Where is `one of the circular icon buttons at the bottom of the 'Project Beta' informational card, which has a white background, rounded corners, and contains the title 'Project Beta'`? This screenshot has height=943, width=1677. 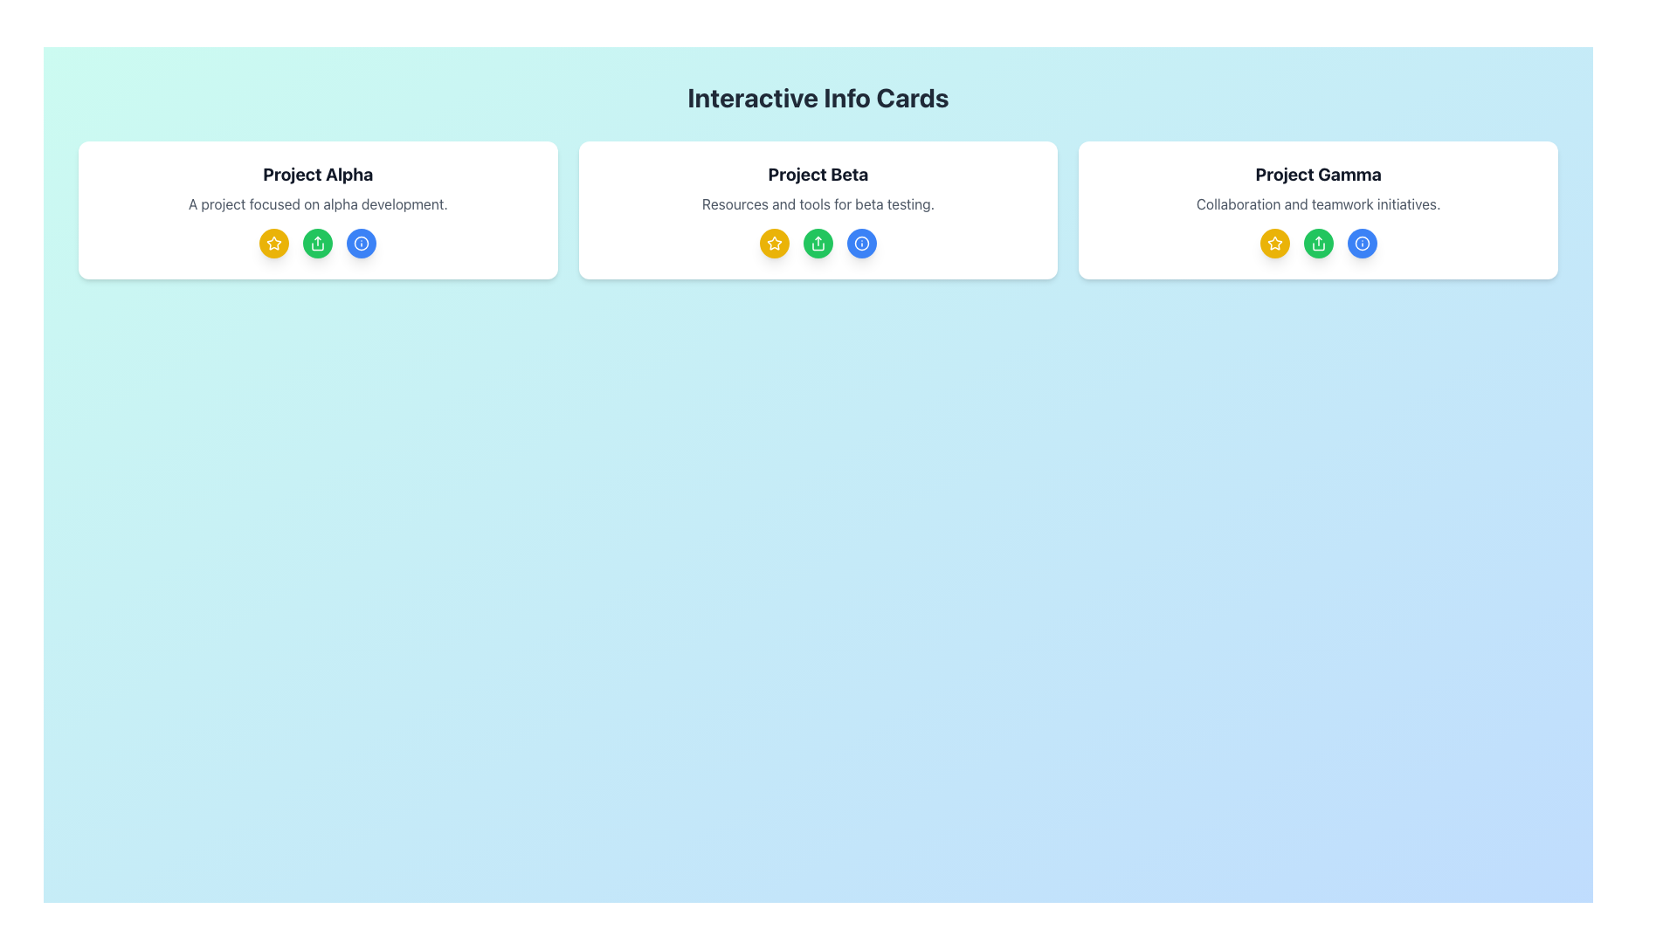
one of the circular icon buttons at the bottom of the 'Project Beta' informational card, which has a white background, rounded corners, and contains the title 'Project Beta' is located at coordinates (817, 209).